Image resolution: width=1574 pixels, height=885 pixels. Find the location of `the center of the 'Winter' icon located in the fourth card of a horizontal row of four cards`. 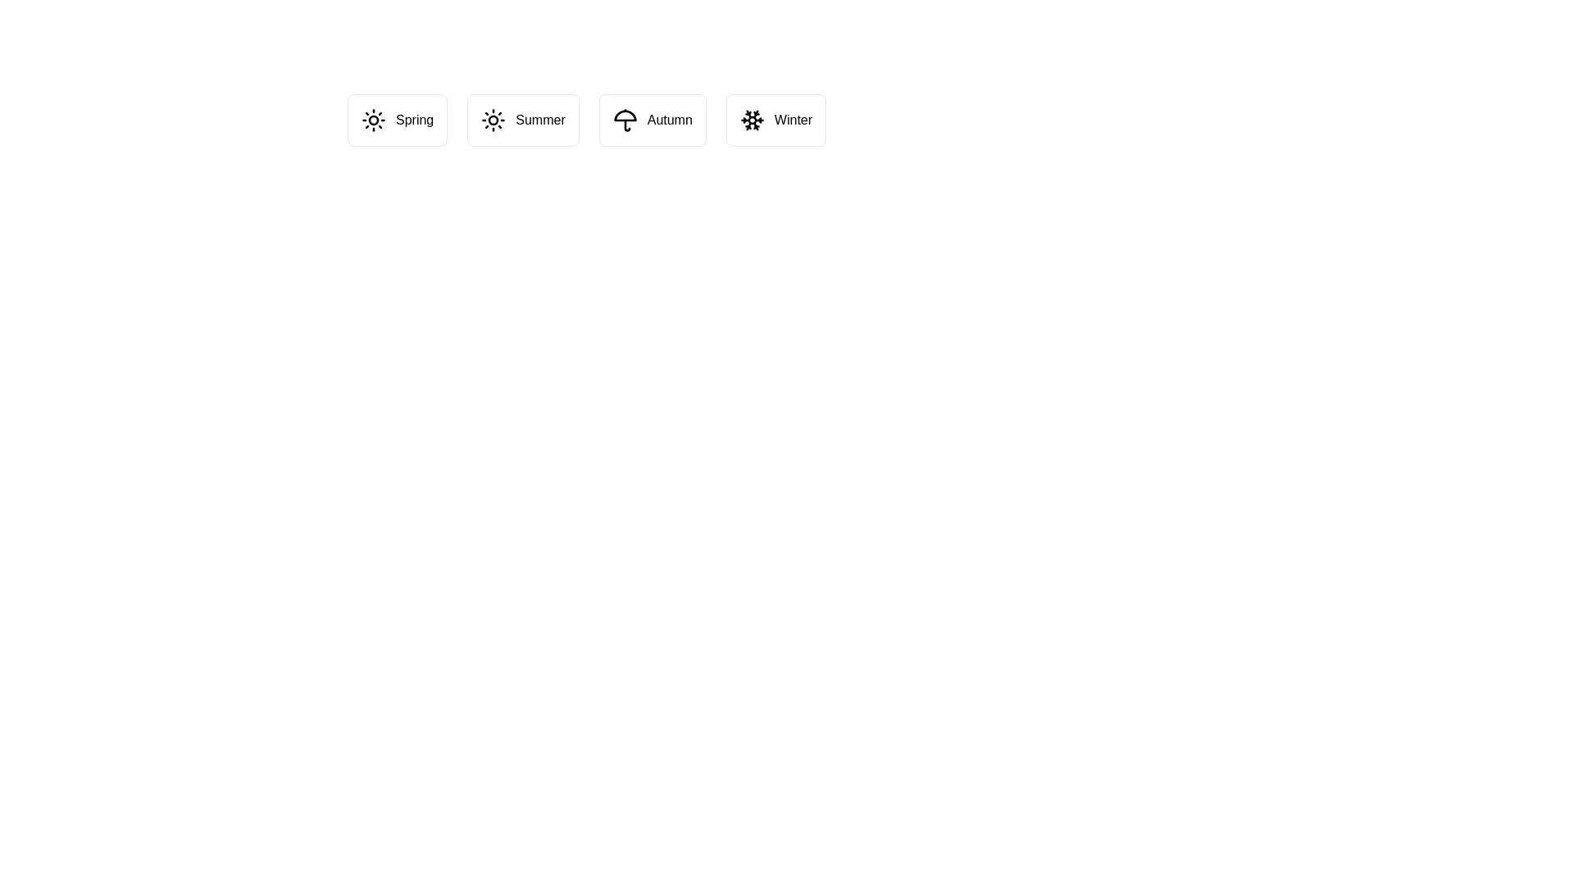

the center of the 'Winter' icon located in the fourth card of a horizontal row of four cards is located at coordinates (751, 119).